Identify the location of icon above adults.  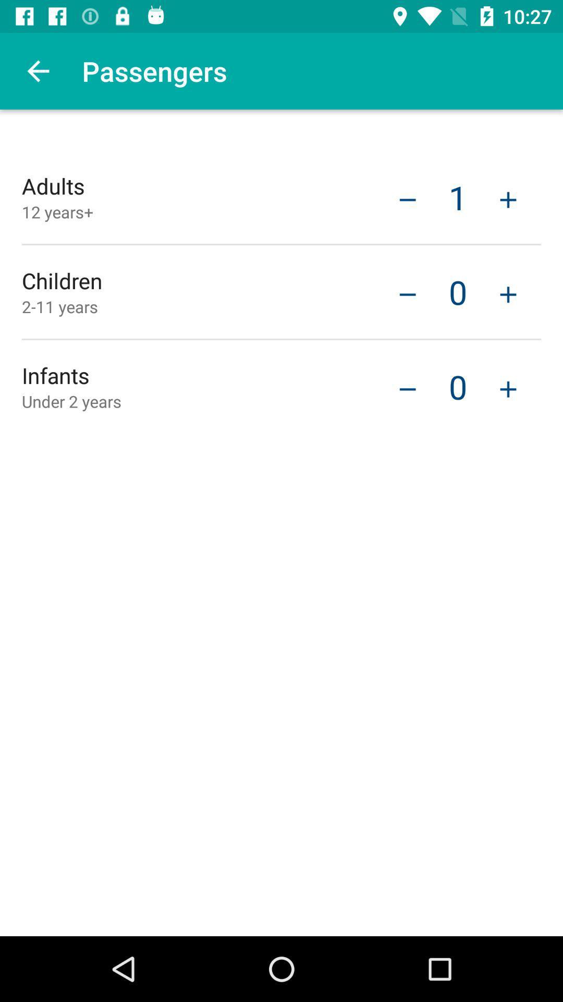
(38, 70).